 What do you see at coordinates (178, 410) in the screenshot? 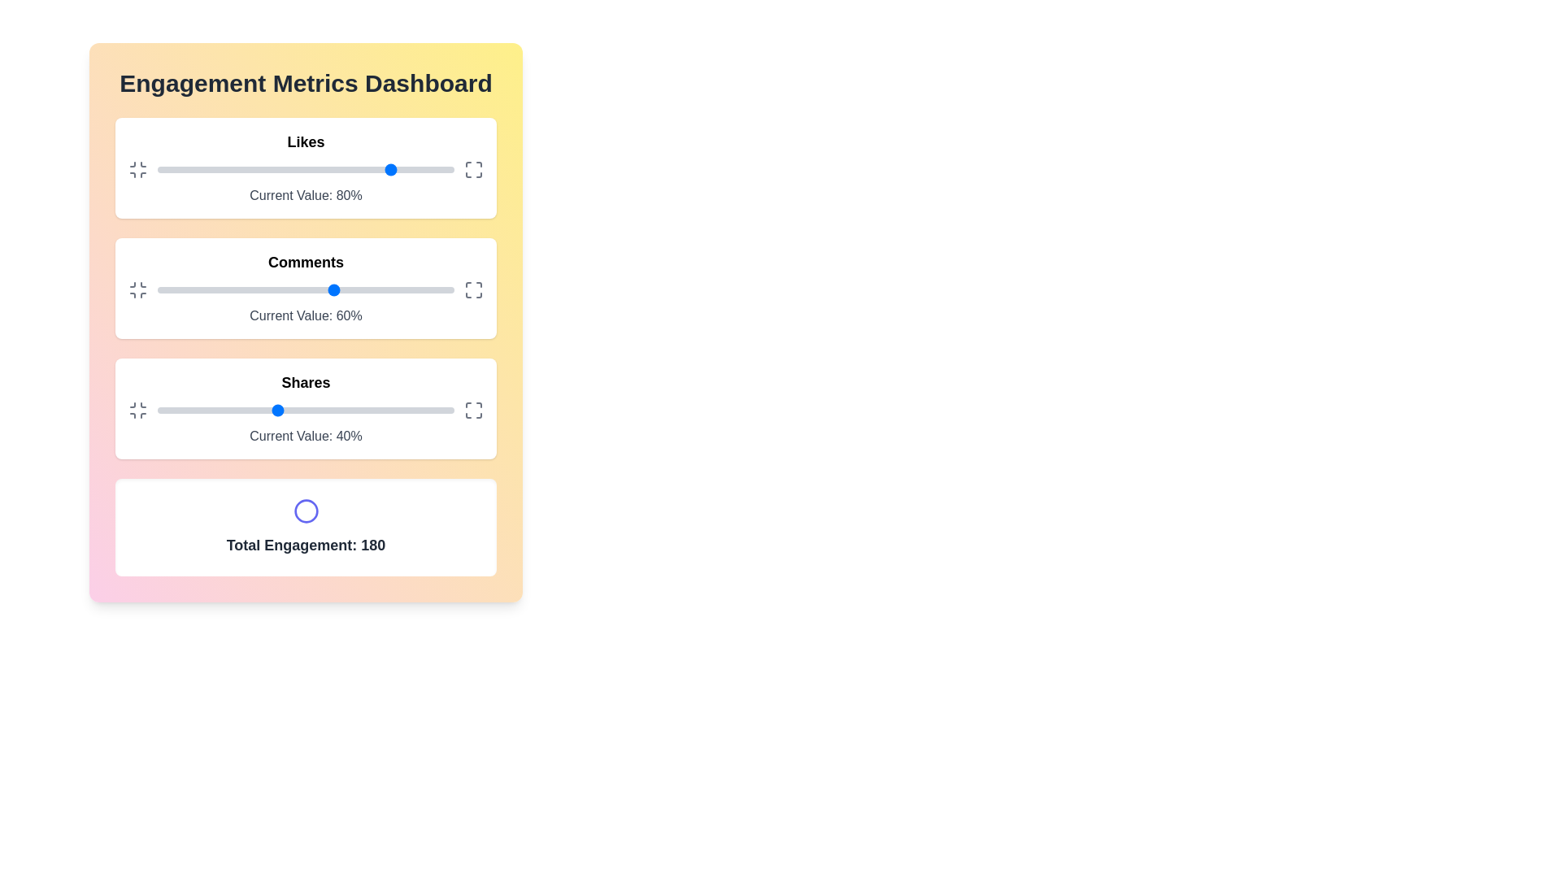
I see `the 'Shares' slider` at bounding box center [178, 410].